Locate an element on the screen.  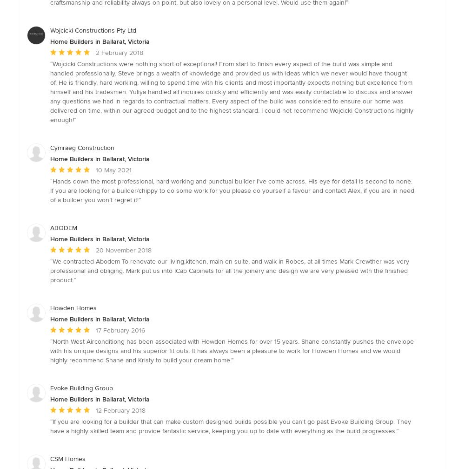
'North West Airconditiong has been associated with Howden Homes for over 15 years.
Shane constantly pushes the envelope with his unique designs and his superior fit outs.
It has always been a pleasure to work for Howden Homes and we would highly recommend Shane and Kristy to build your dream home.' is located at coordinates (232, 350).